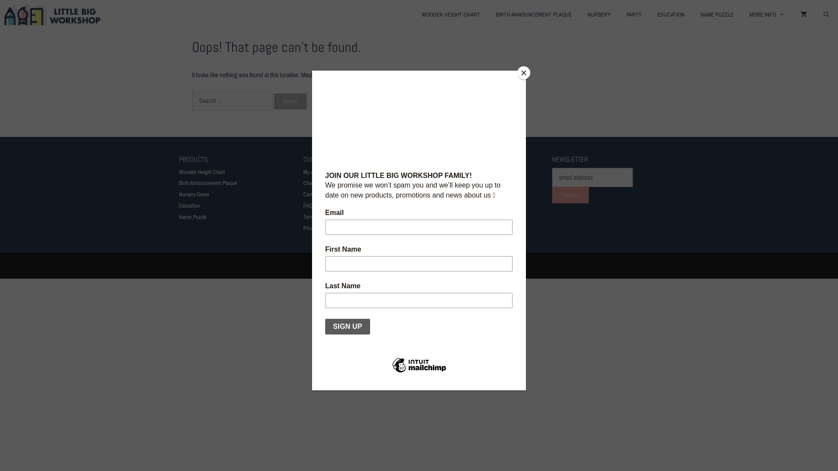 Image resolution: width=838 pixels, height=471 pixels. I want to click on 'Cart', so click(308, 194).